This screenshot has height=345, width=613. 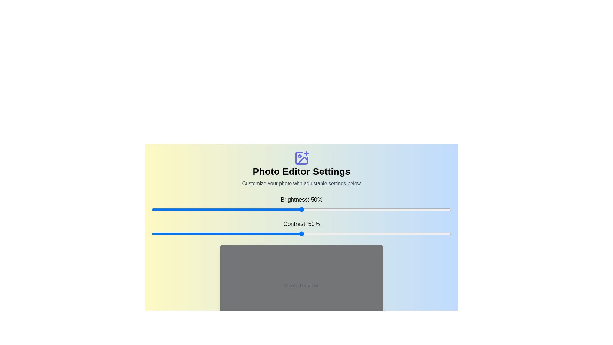 I want to click on the brightness slider to 93%, so click(x=430, y=209).